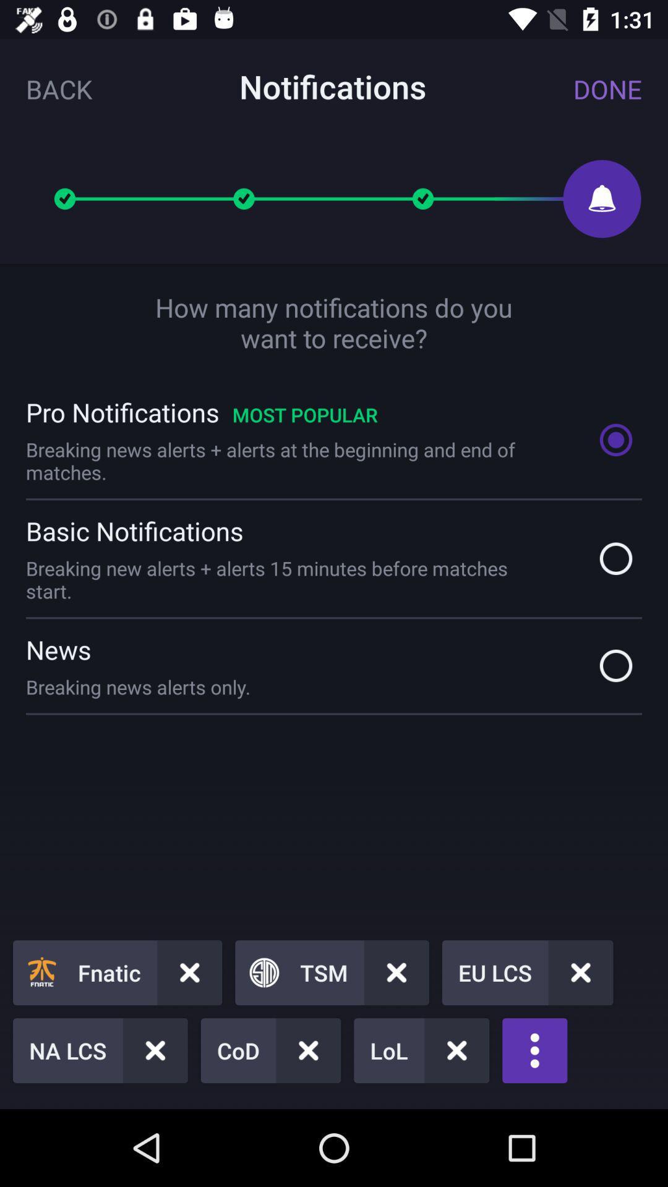 The width and height of the screenshot is (668, 1187). Describe the element at coordinates (59, 88) in the screenshot. I see `back at the top left corner` at that location.